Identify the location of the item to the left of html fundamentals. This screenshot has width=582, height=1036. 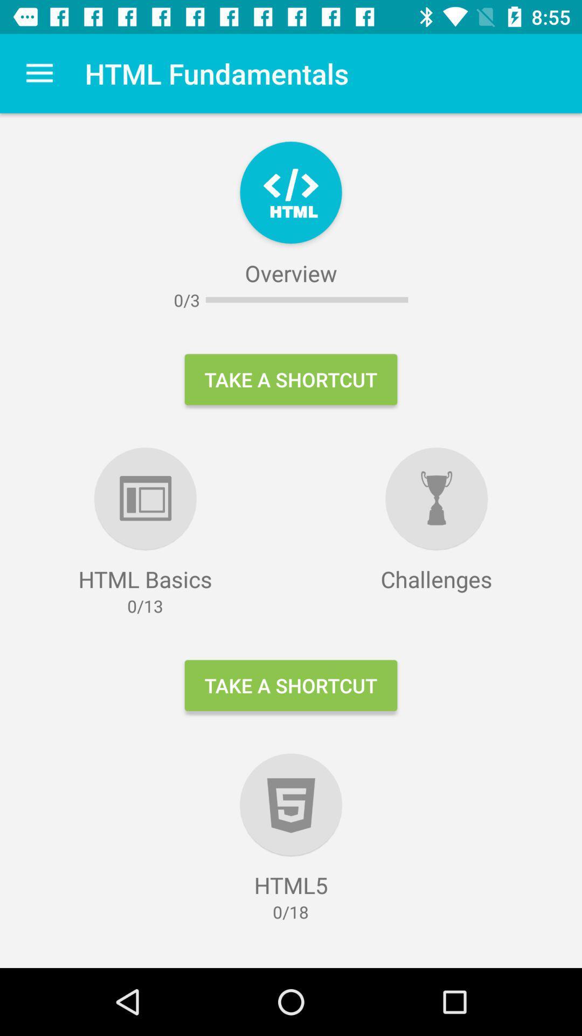
(39, 73).